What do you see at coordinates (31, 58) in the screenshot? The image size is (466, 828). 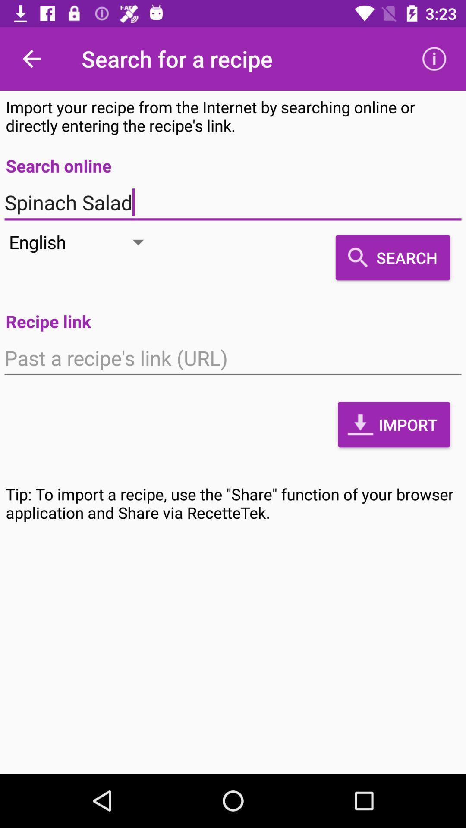 I see `the item next to the search for a icon` at bounding box center [31, 58].